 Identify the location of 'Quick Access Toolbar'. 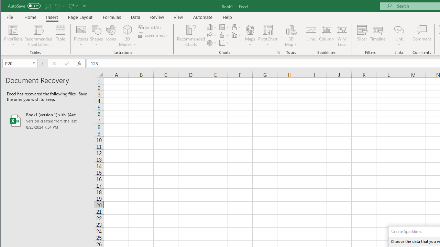
(47, 6).